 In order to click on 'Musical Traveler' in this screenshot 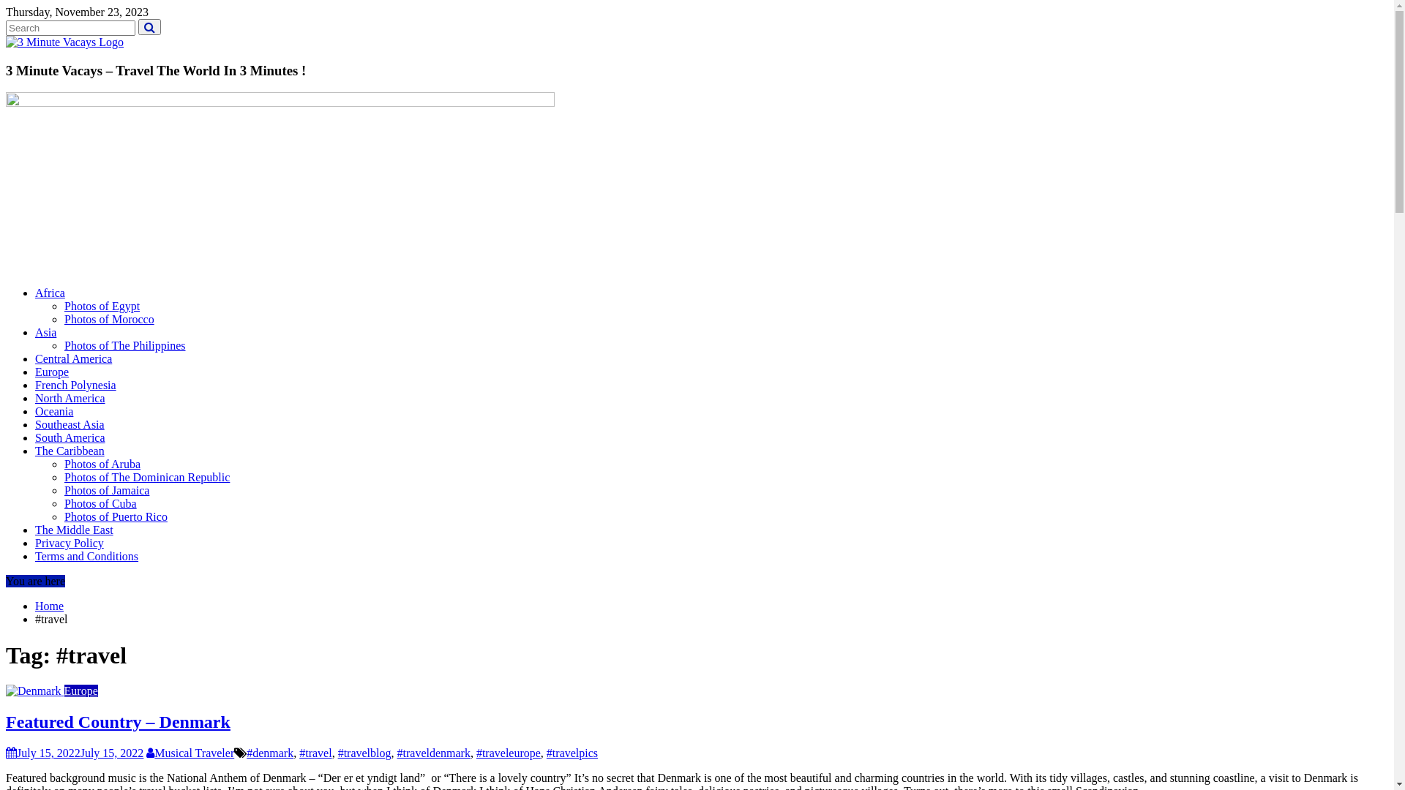, I will do `click(189, 753)`.